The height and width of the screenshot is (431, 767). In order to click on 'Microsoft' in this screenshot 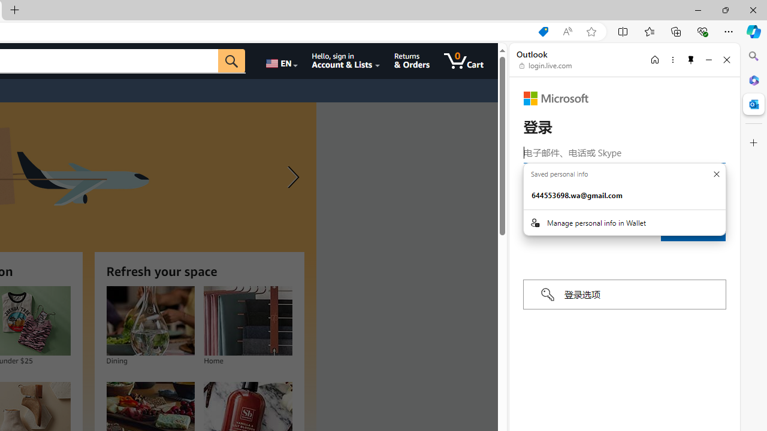, I will do `click(555, 98)`.